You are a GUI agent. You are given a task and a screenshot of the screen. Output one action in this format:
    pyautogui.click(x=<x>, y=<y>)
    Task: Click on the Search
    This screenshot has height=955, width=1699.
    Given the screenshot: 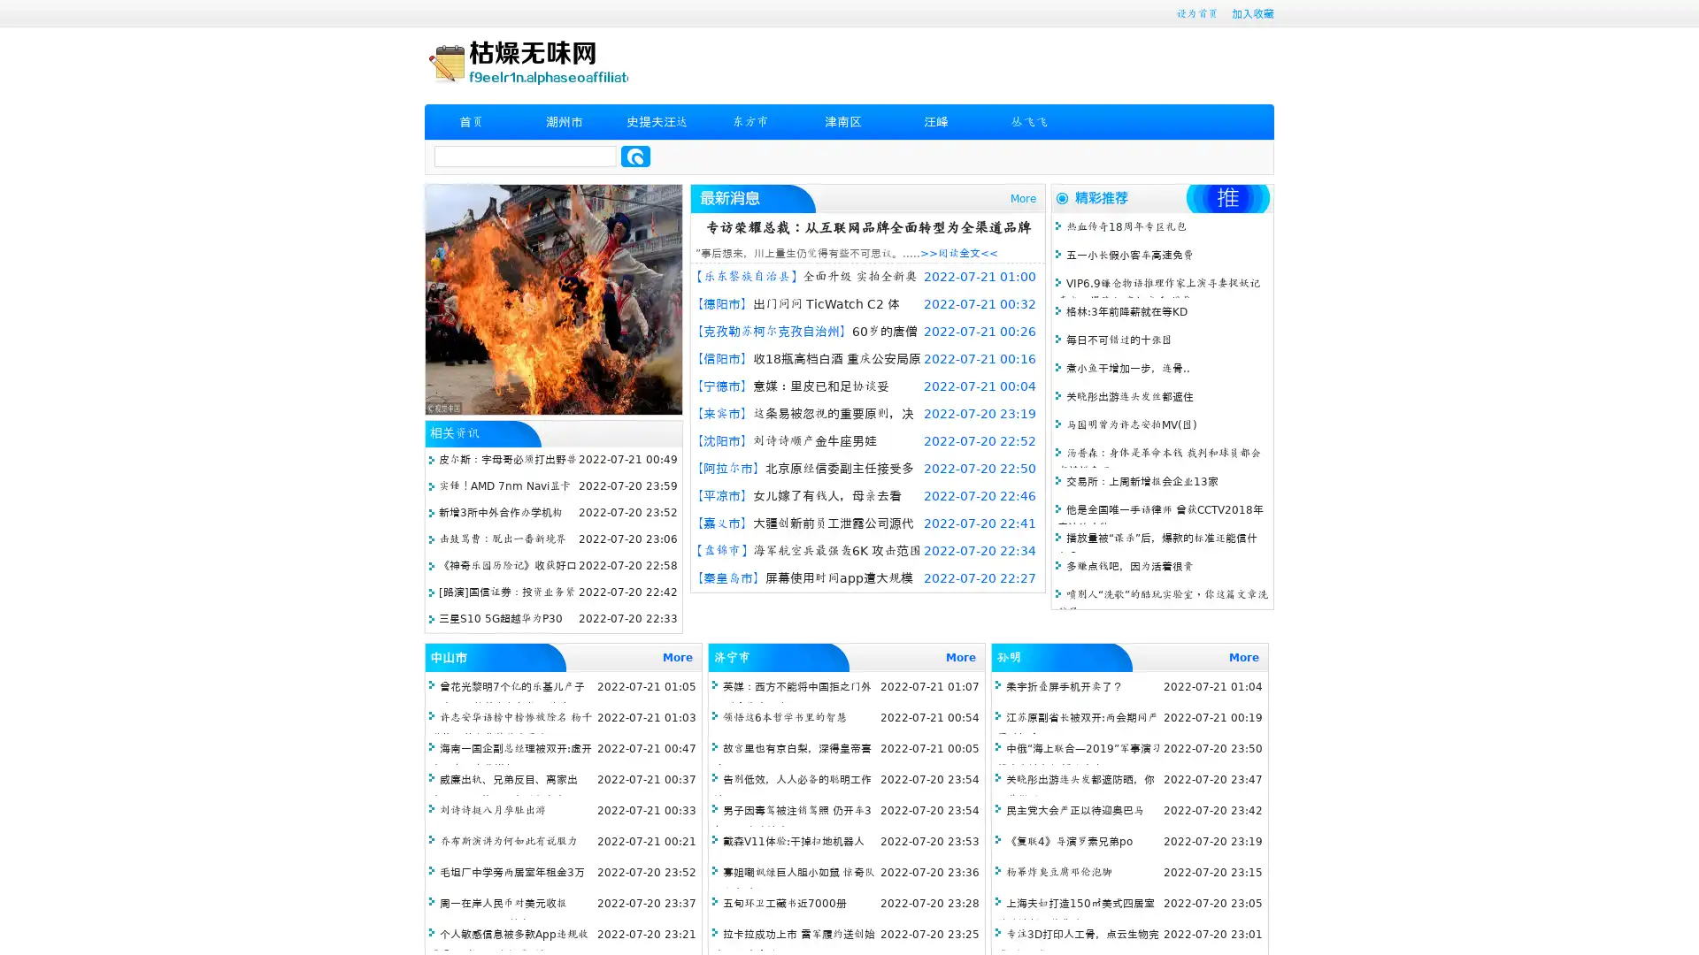 What is the action you would take?
    pyautogui.click(x=635, y=156)
    